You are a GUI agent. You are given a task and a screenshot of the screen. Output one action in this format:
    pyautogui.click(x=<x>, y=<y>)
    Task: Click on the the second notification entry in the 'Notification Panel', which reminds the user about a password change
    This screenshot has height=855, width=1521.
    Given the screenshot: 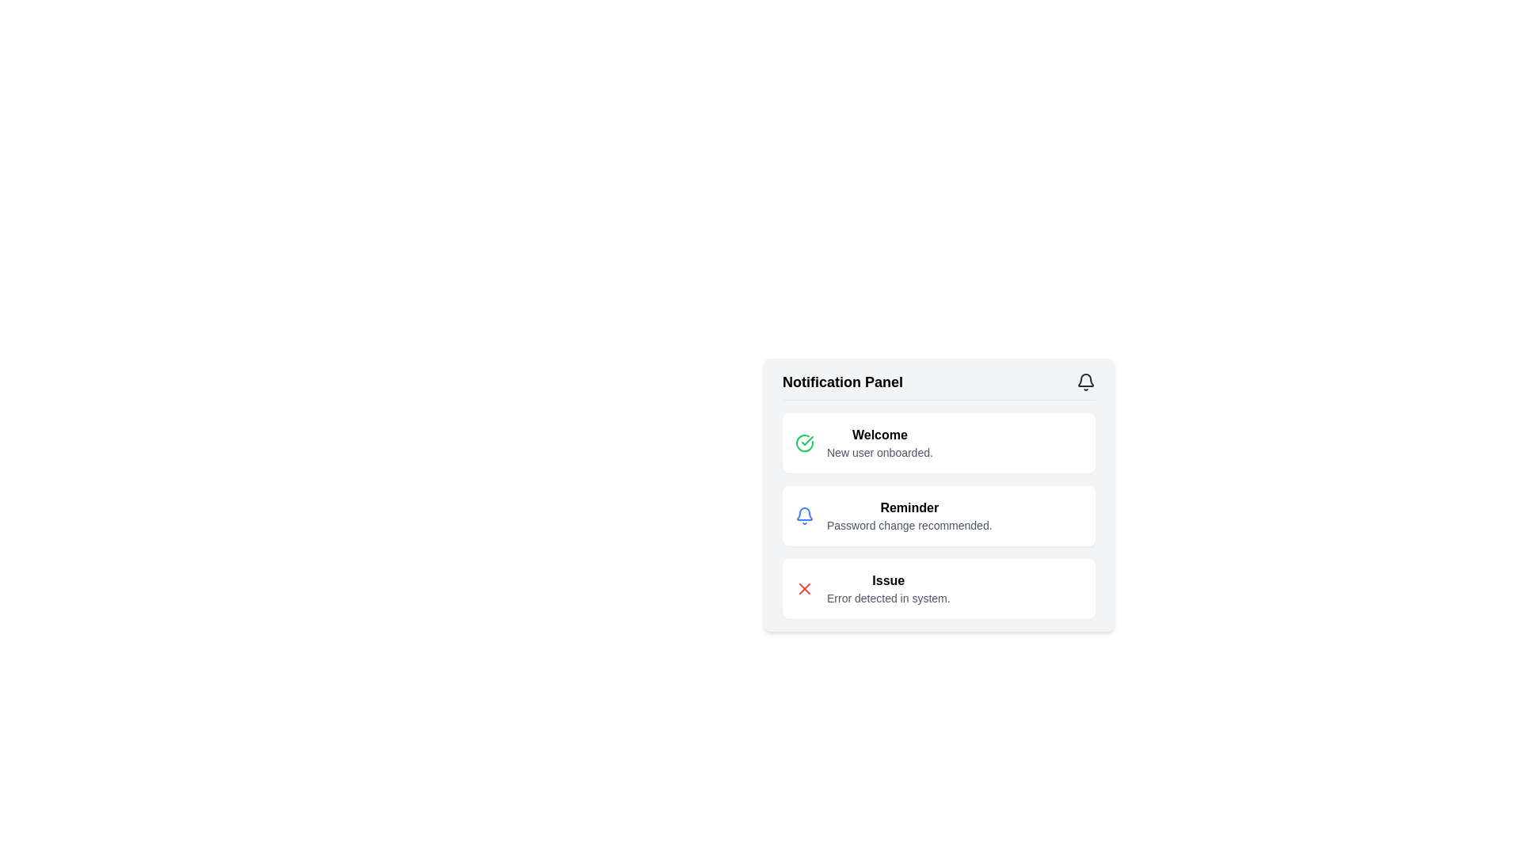 What is the action you would take?
    pyautogui.click(x=939, y=494)
    